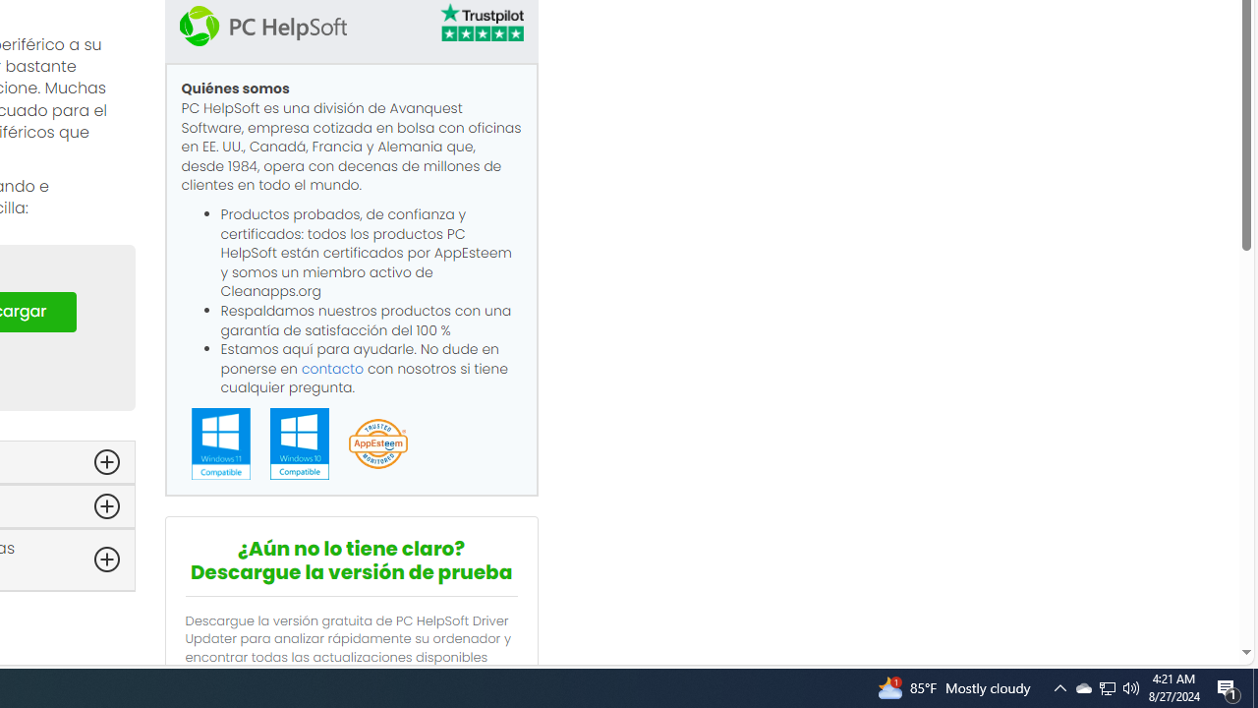 The width and height of the screenshot is (1258, 708). I want to click on 'App Esteem', so click(377, 444).